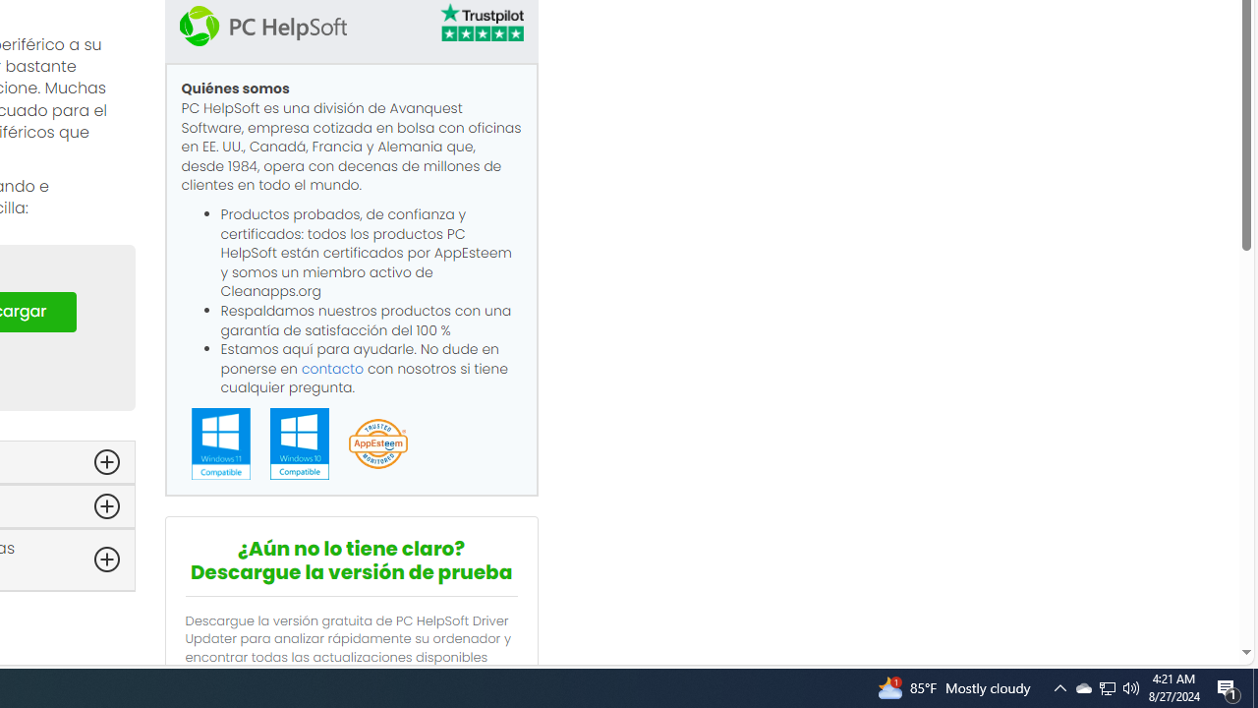 The width and height of the screenshot is (1258, 708). I want to click on 'App Esteem', so click(377, 444).